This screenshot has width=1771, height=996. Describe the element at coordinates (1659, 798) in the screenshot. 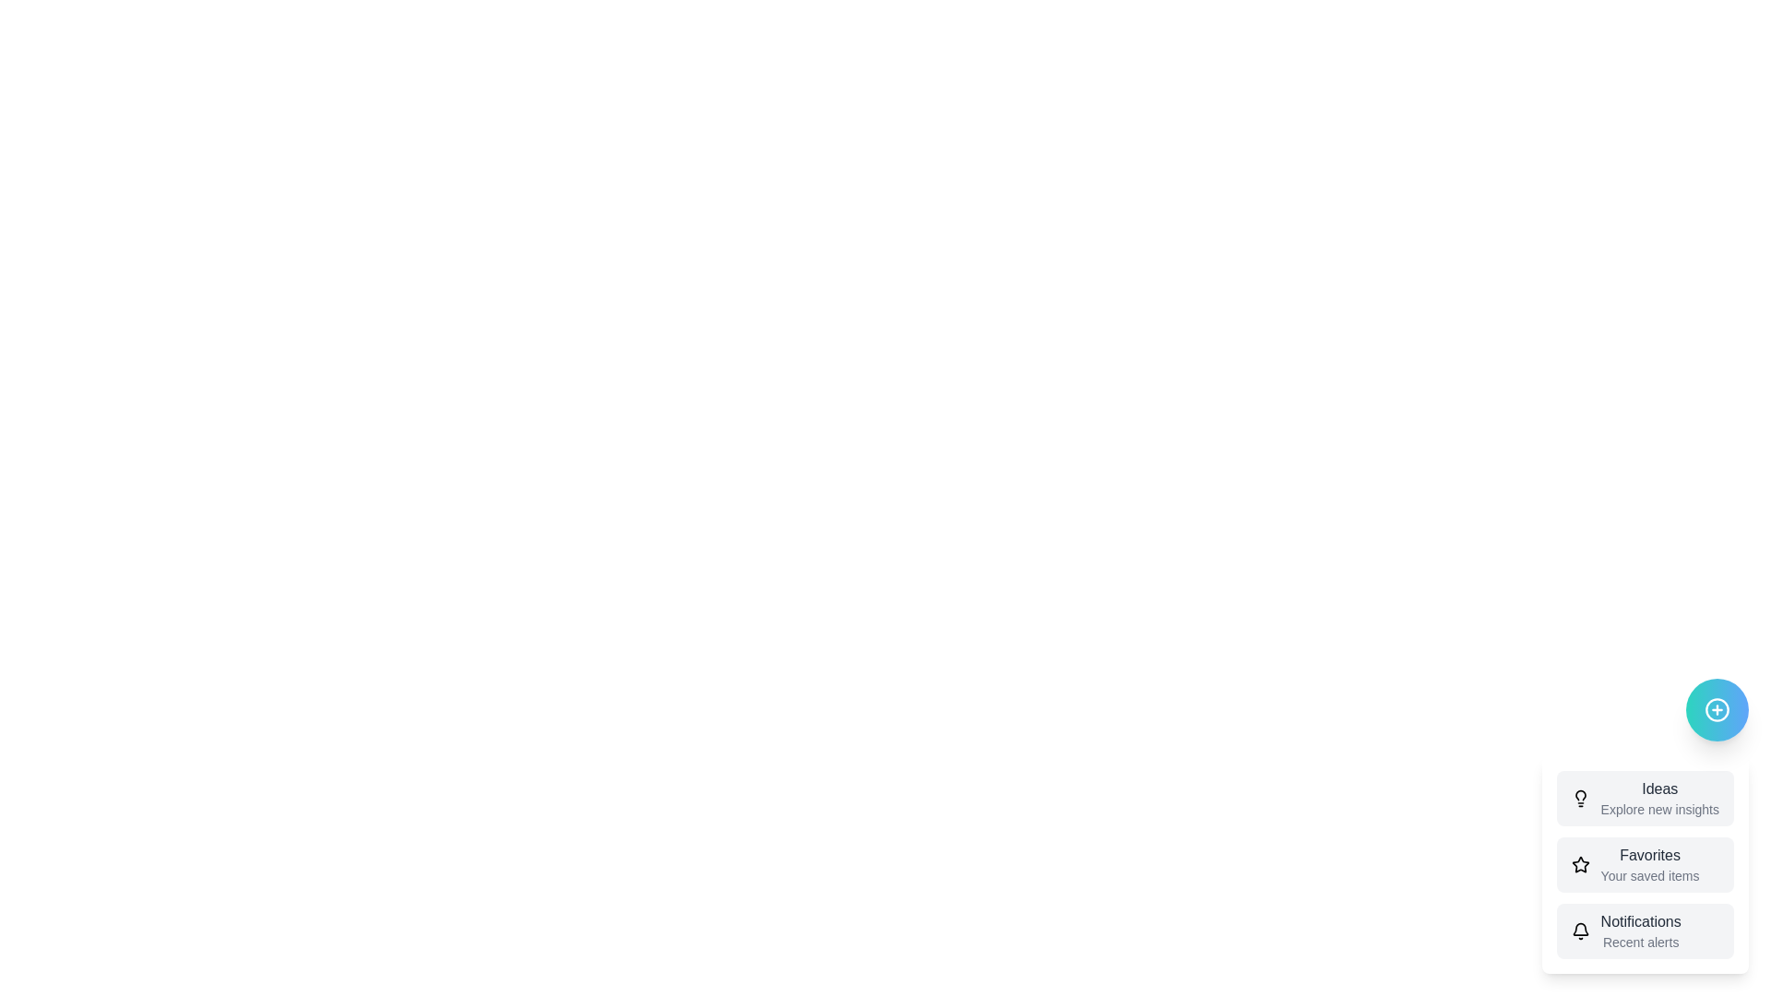

I see `text label that contains 'Ideas' and 'Explore new insights', located above the 'Favorites' element in the upper portion of the vertical list` at that location.